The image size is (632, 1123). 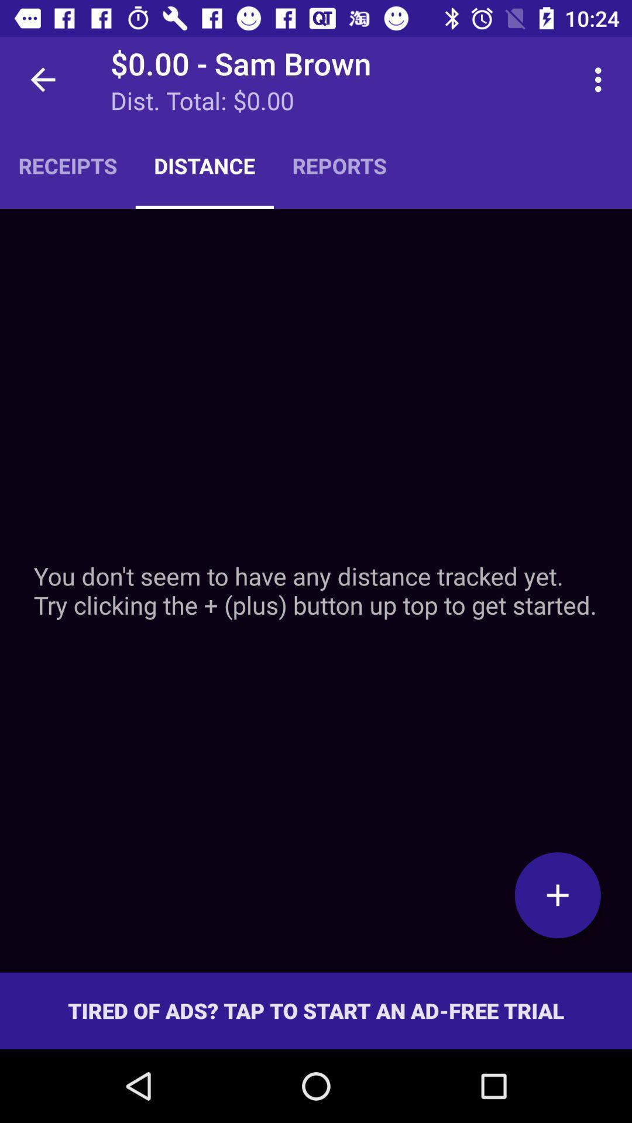 What do you see at coordinates (67, 165) in the screenshot?
I see `item to the left of distance item` at bounding box center [67, 165].